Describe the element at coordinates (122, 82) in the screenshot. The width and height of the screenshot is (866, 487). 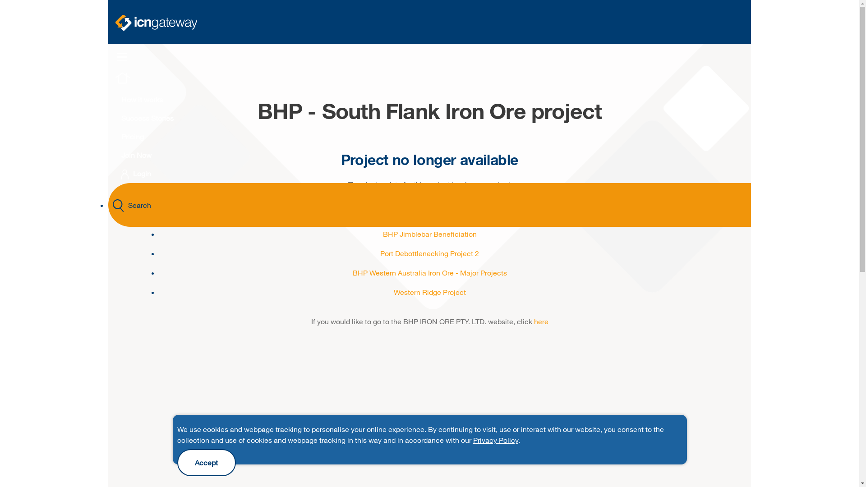
I see `'ICN Gateway Home'` at that location.